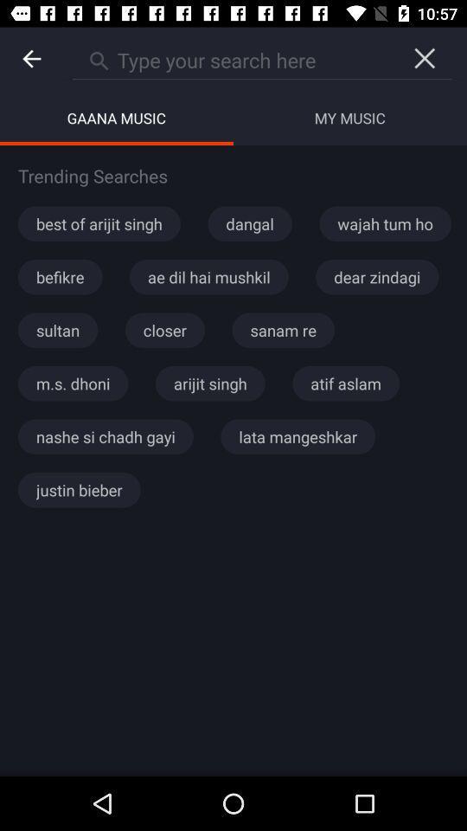  I want to click on the item above m.s. dhoni app, so click(58, 329).